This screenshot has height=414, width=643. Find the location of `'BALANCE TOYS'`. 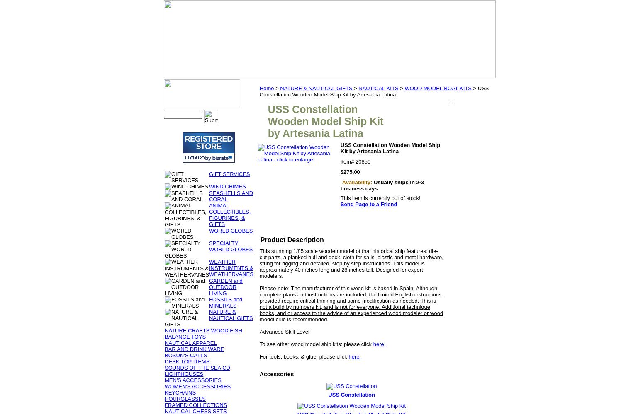

'BALANCE TOYS' is located at coordinates (185, 336).